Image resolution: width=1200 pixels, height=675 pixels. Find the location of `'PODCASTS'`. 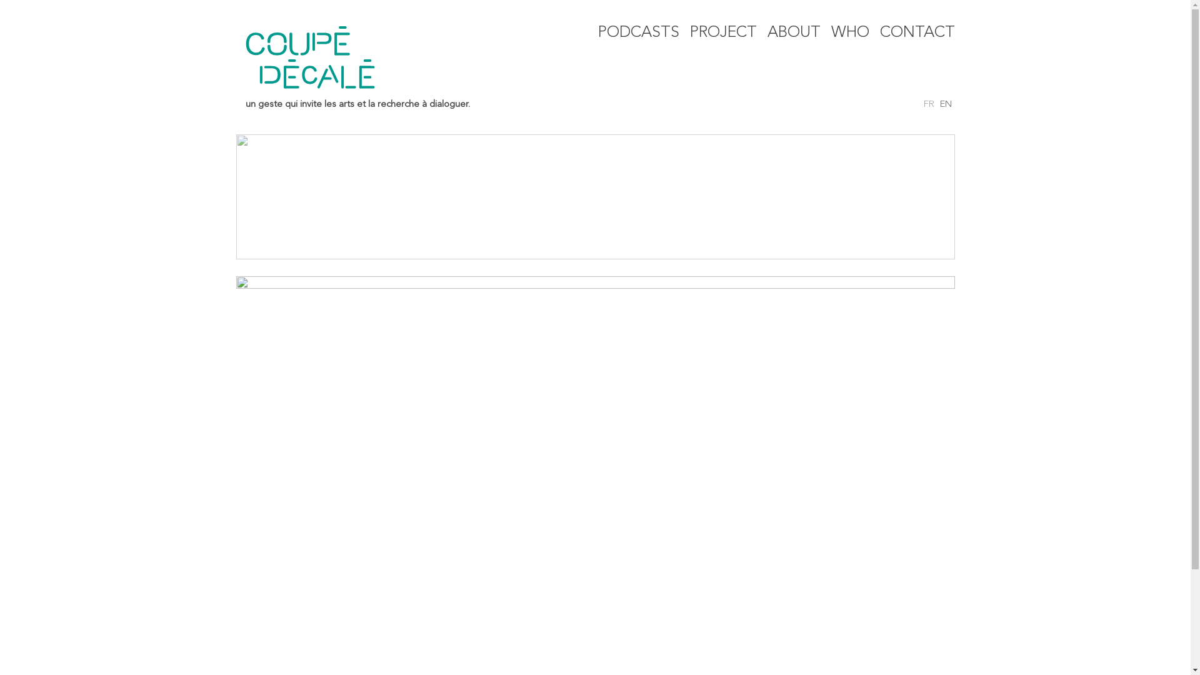

'PODCASTS' is located at coordinates (638, 32).